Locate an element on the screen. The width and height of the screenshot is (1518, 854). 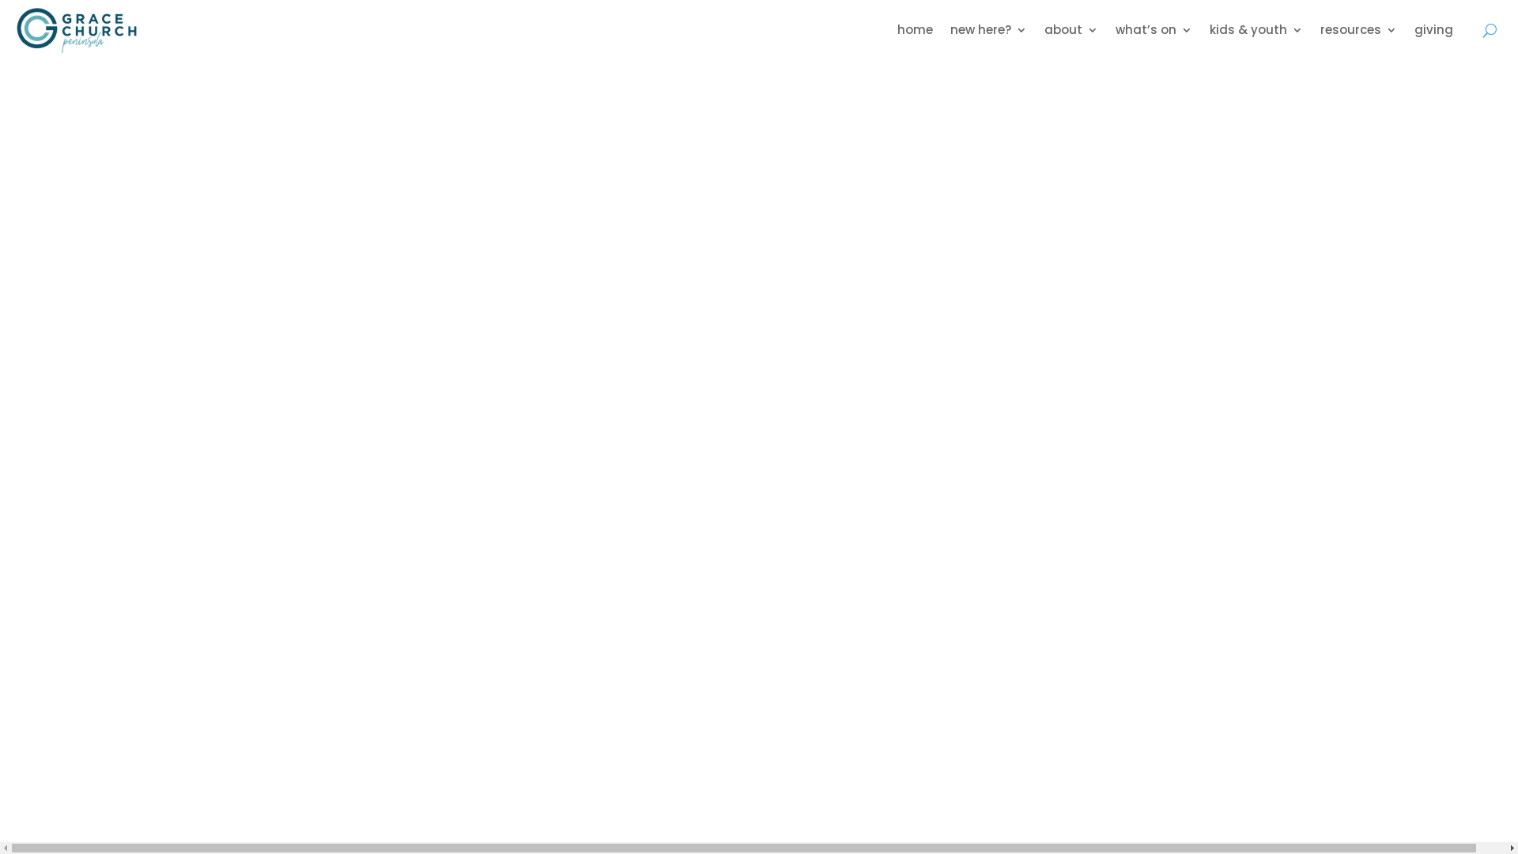
'new here?' is located at coordinates (987, 30).